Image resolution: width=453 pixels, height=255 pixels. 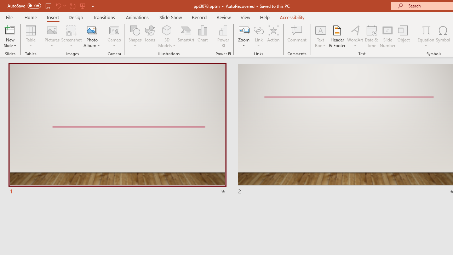 I want to click on 'Equation', so click(x=425, y=36).